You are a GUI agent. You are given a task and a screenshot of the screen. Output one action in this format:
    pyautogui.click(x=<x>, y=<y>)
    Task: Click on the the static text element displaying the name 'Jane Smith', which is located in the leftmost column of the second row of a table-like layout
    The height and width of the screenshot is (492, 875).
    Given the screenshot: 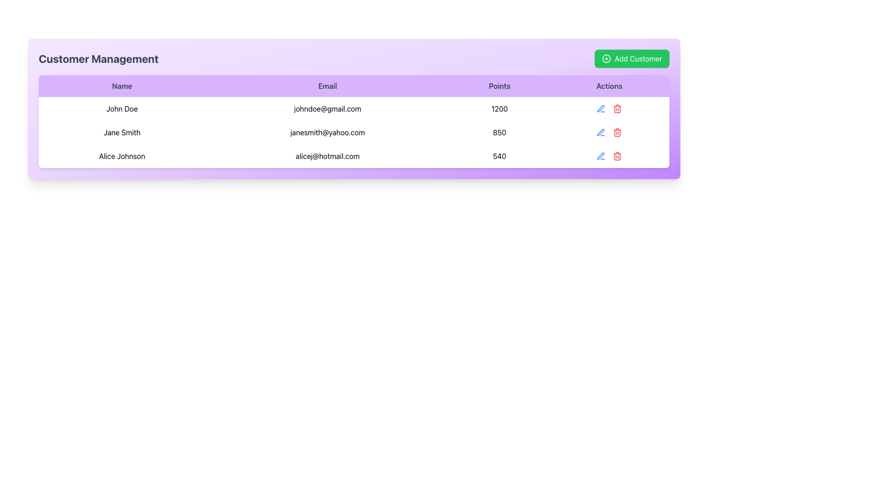 What is the action you would take?
    pyautogui.click(x=122, y=132)
    